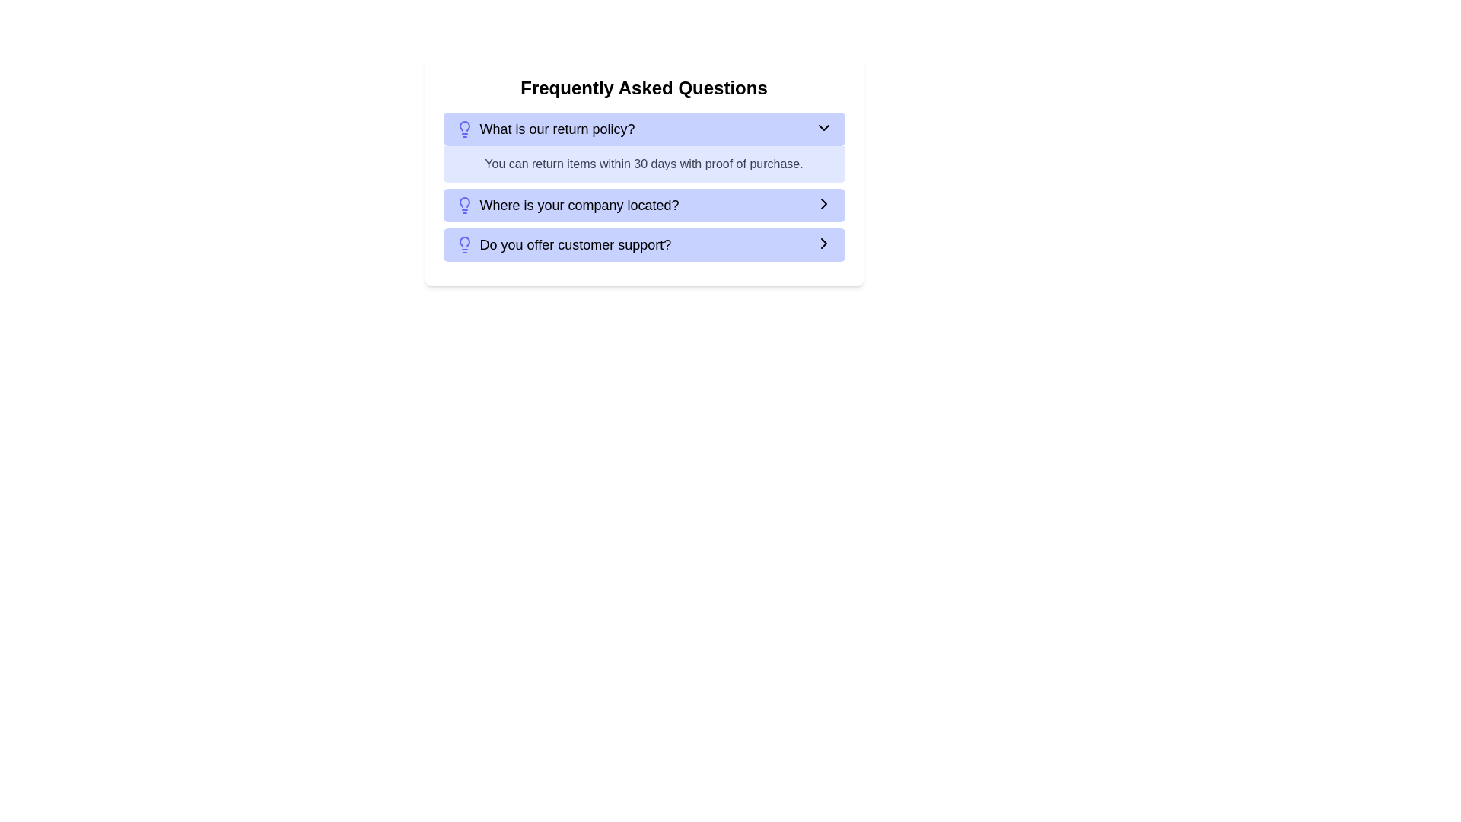 This screenshot has height=822, width=1461. Describe the element at coordinates (463, 128) in the screenshot. I see `the lightbulb icon with a purple outline located to the left of the text 'What is our return policy?' in the FAQ section` at that location.